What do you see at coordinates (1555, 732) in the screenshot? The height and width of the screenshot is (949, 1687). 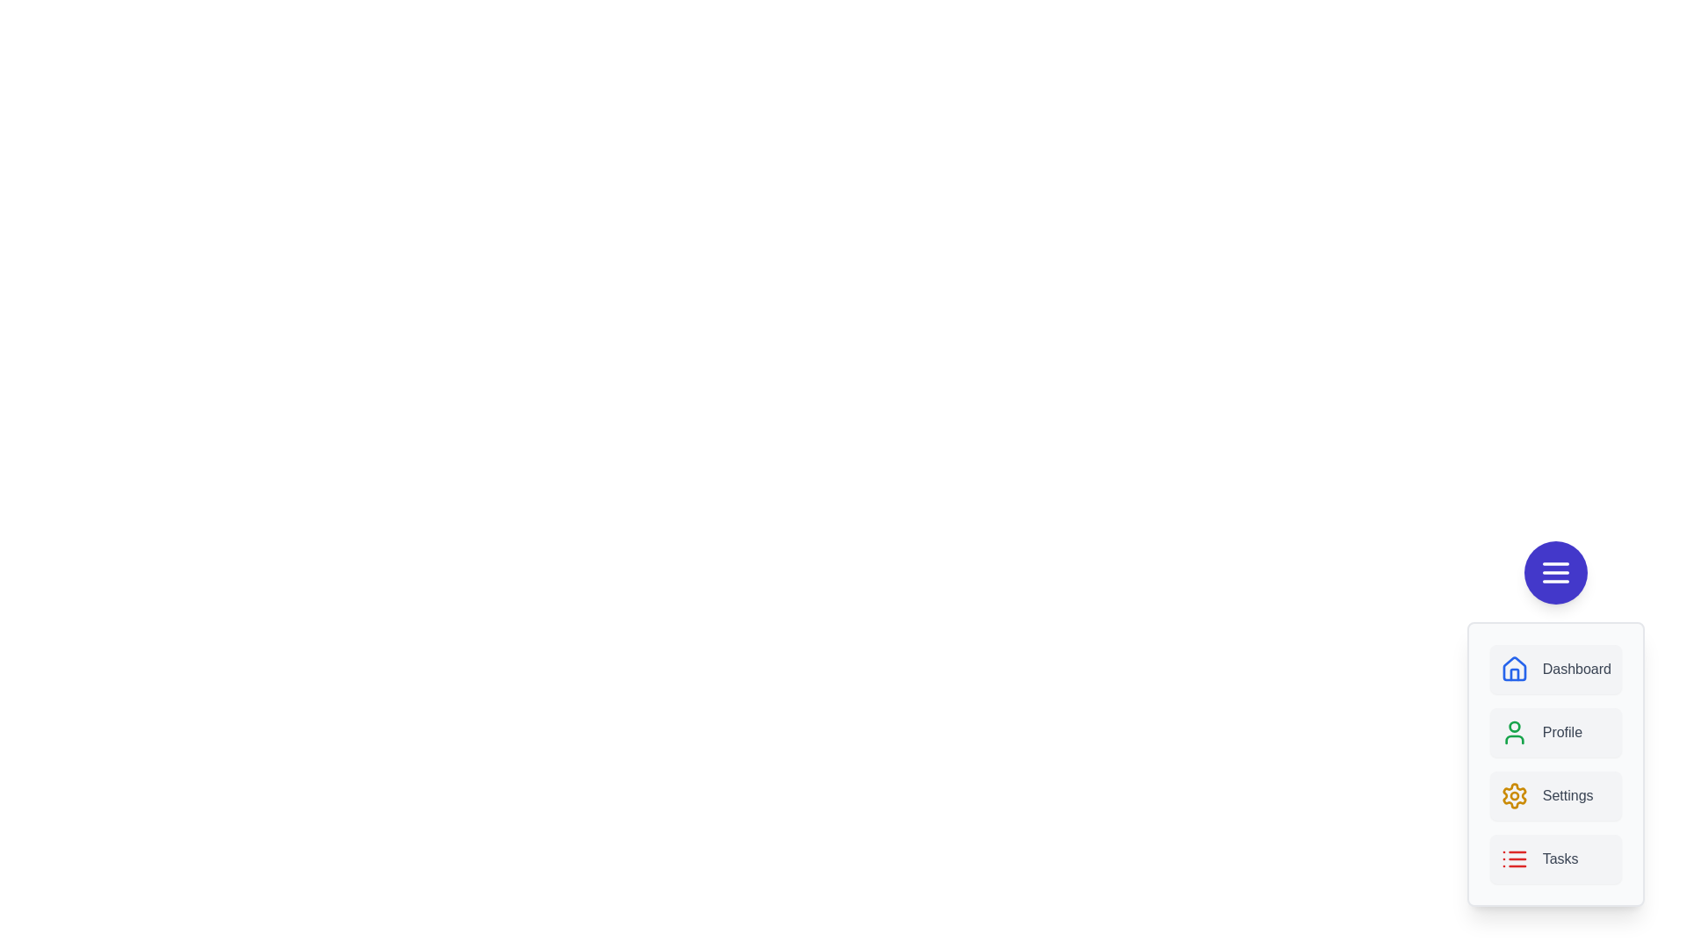 I see `the Profile option from the menu` at bounding box center [1555, 732].